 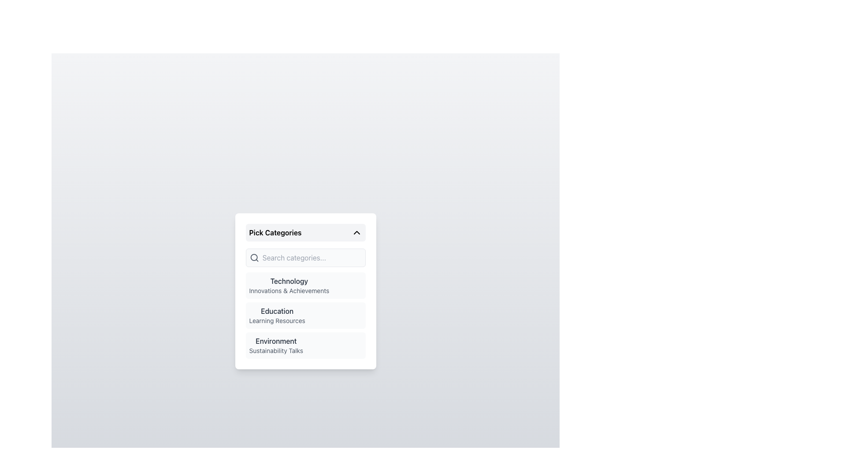 I want to click on text of the descriptive sub-label located beneath the bolded title 'Education' in the second entry of the category list, so click(x=277, y=321).